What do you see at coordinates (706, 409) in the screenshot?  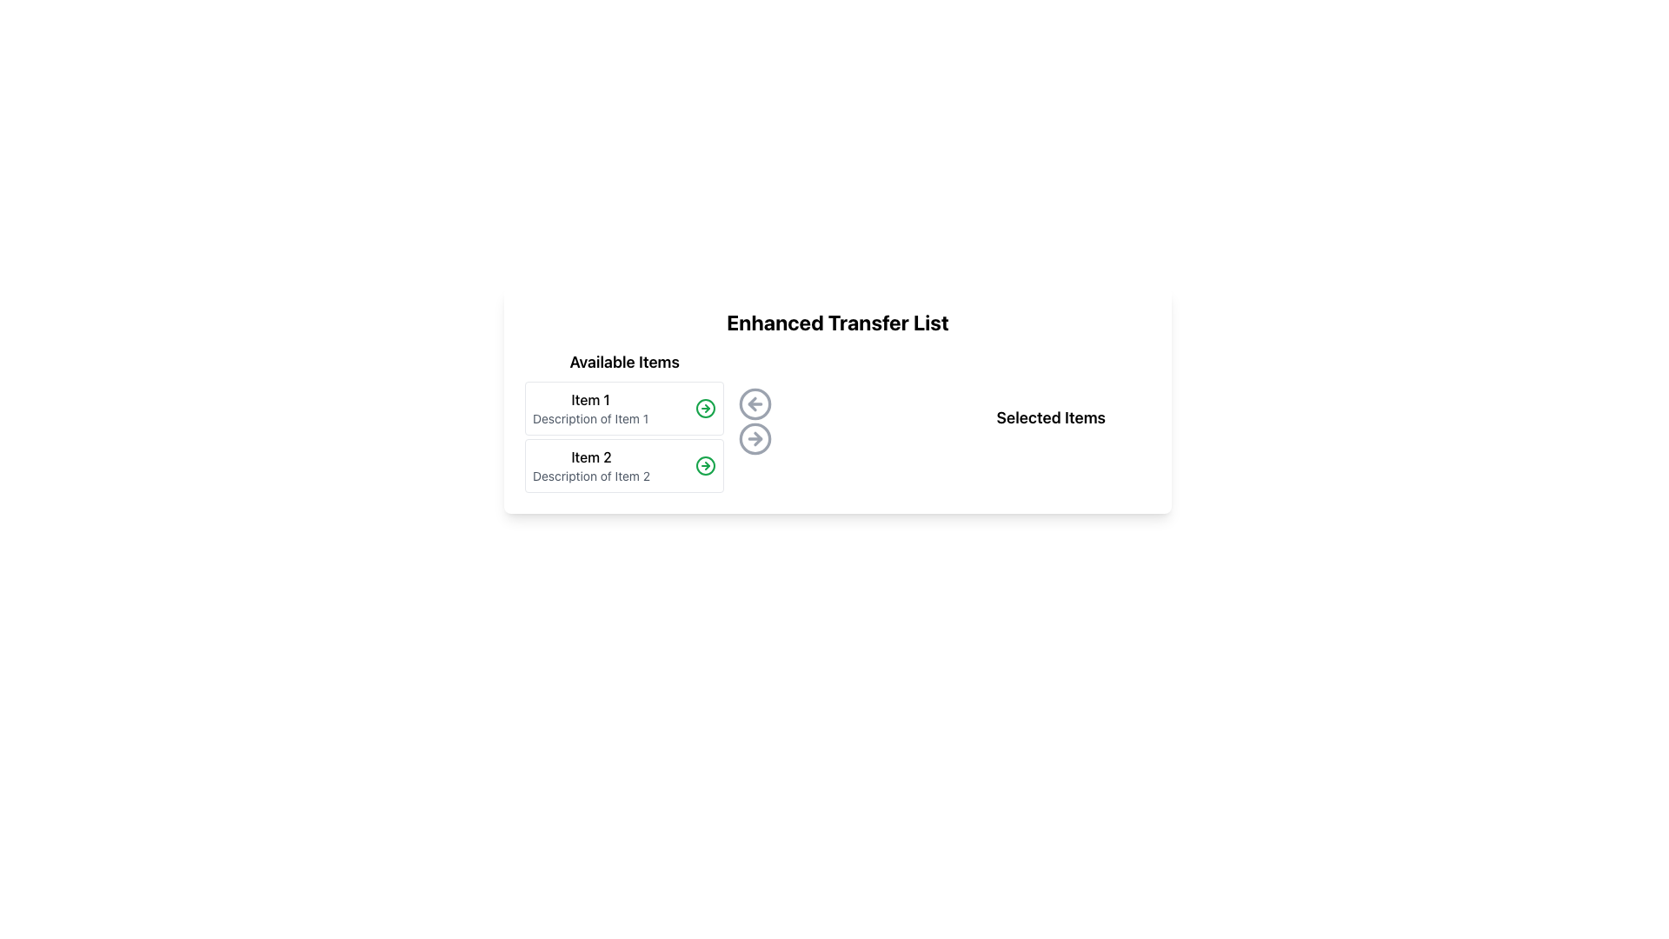 I see `the circular button with a green border located beside the text 'Item 2' in the second row of the 'Available Items' section` at bounding box center [706, 409].